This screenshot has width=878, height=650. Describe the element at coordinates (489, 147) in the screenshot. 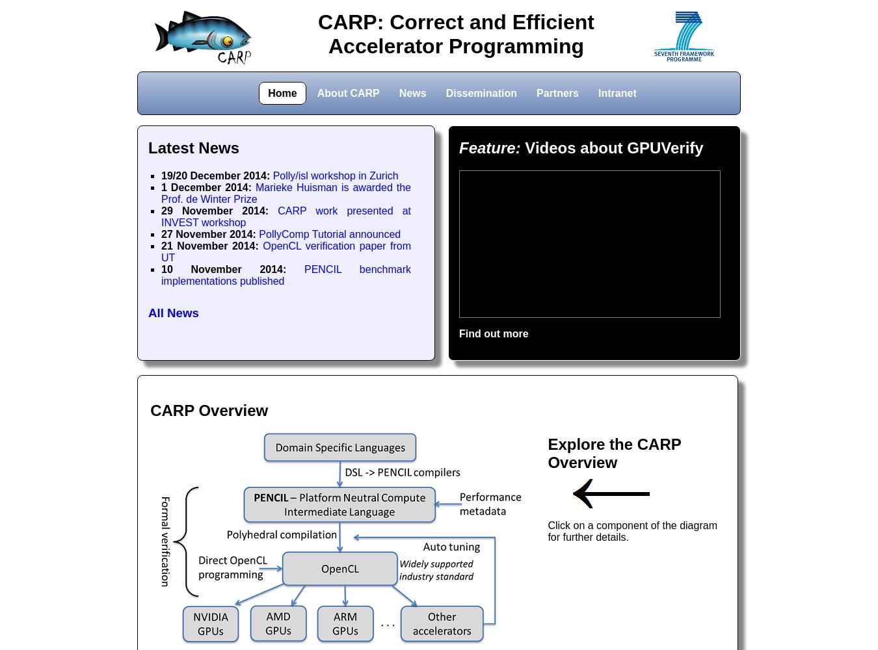

I see `'Feature:'` at that location.